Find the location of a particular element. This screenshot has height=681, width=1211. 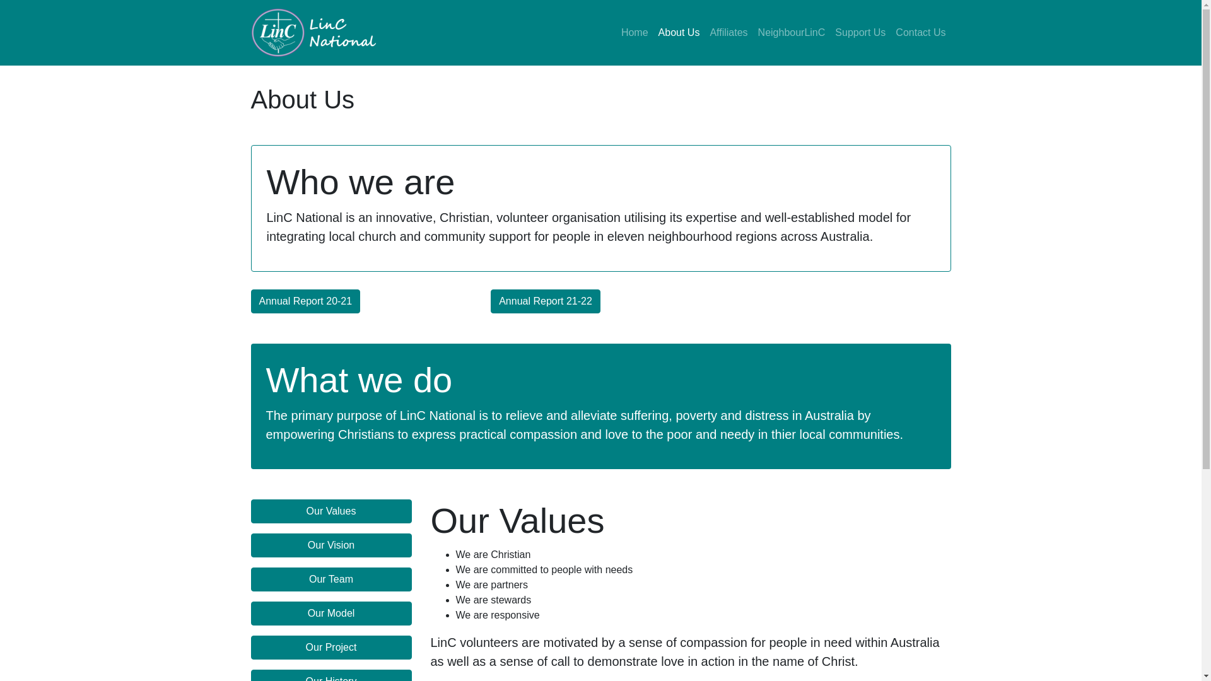

'Annual Report 20-21' is located at coordinates (305, 301).